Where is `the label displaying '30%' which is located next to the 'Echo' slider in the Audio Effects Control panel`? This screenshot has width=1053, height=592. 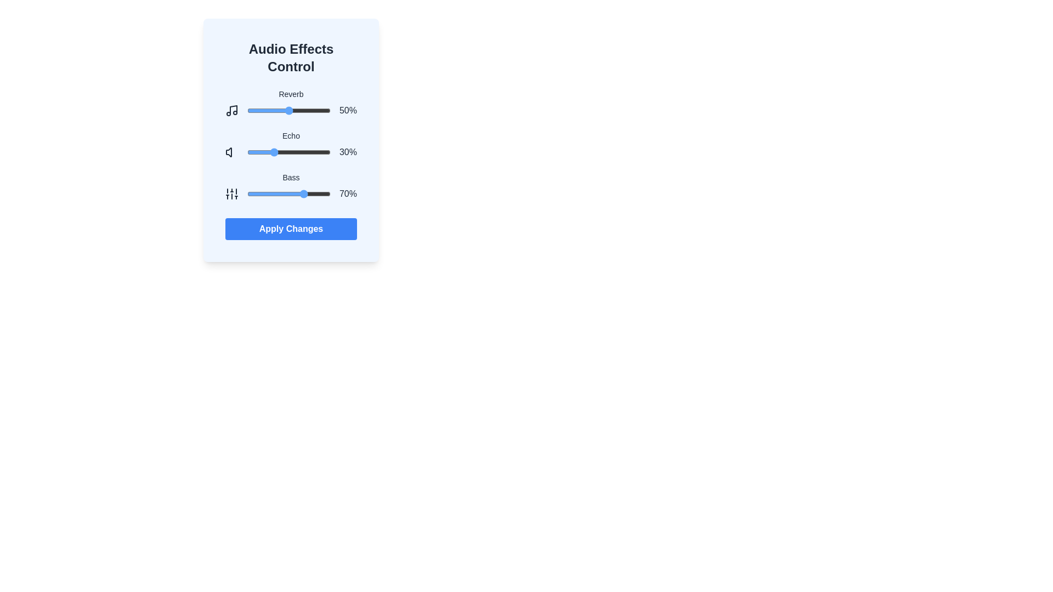
the label displaying '30%' which is located next to the 'Echo' slider in the Audio Effects Control panel is located at coordinates (347, 152).